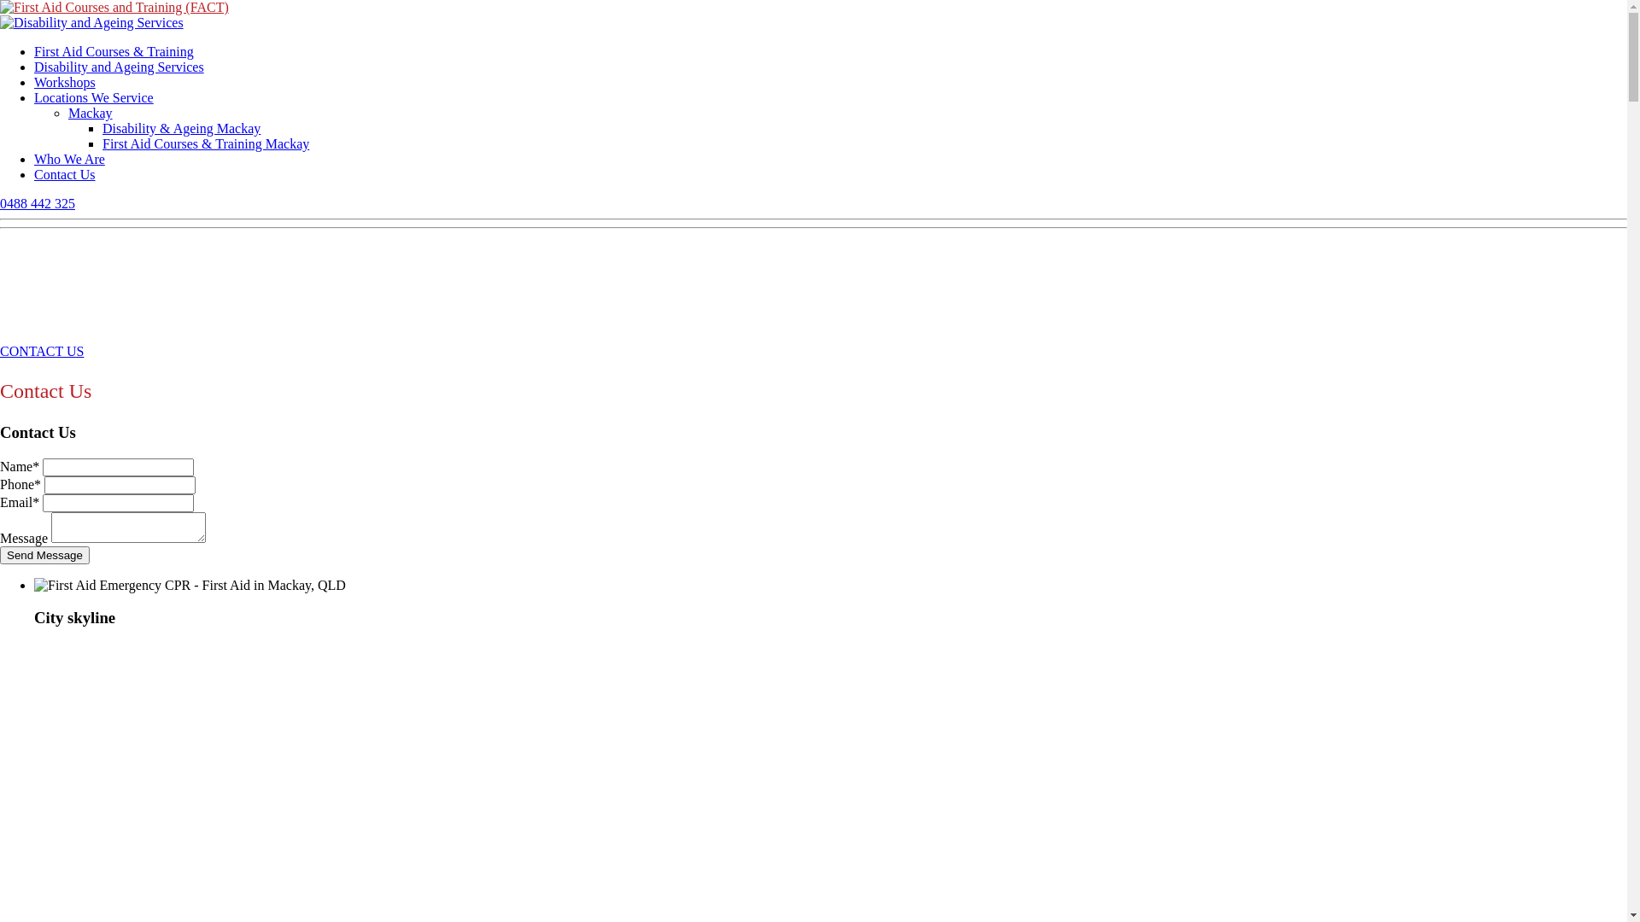 This screenshot has height=922, width=1640. What do you see at coordinates (205, 143) in the screenshot?
I see `'First Aid Courses & Training Mackay'` at bounding box center [205, 143].